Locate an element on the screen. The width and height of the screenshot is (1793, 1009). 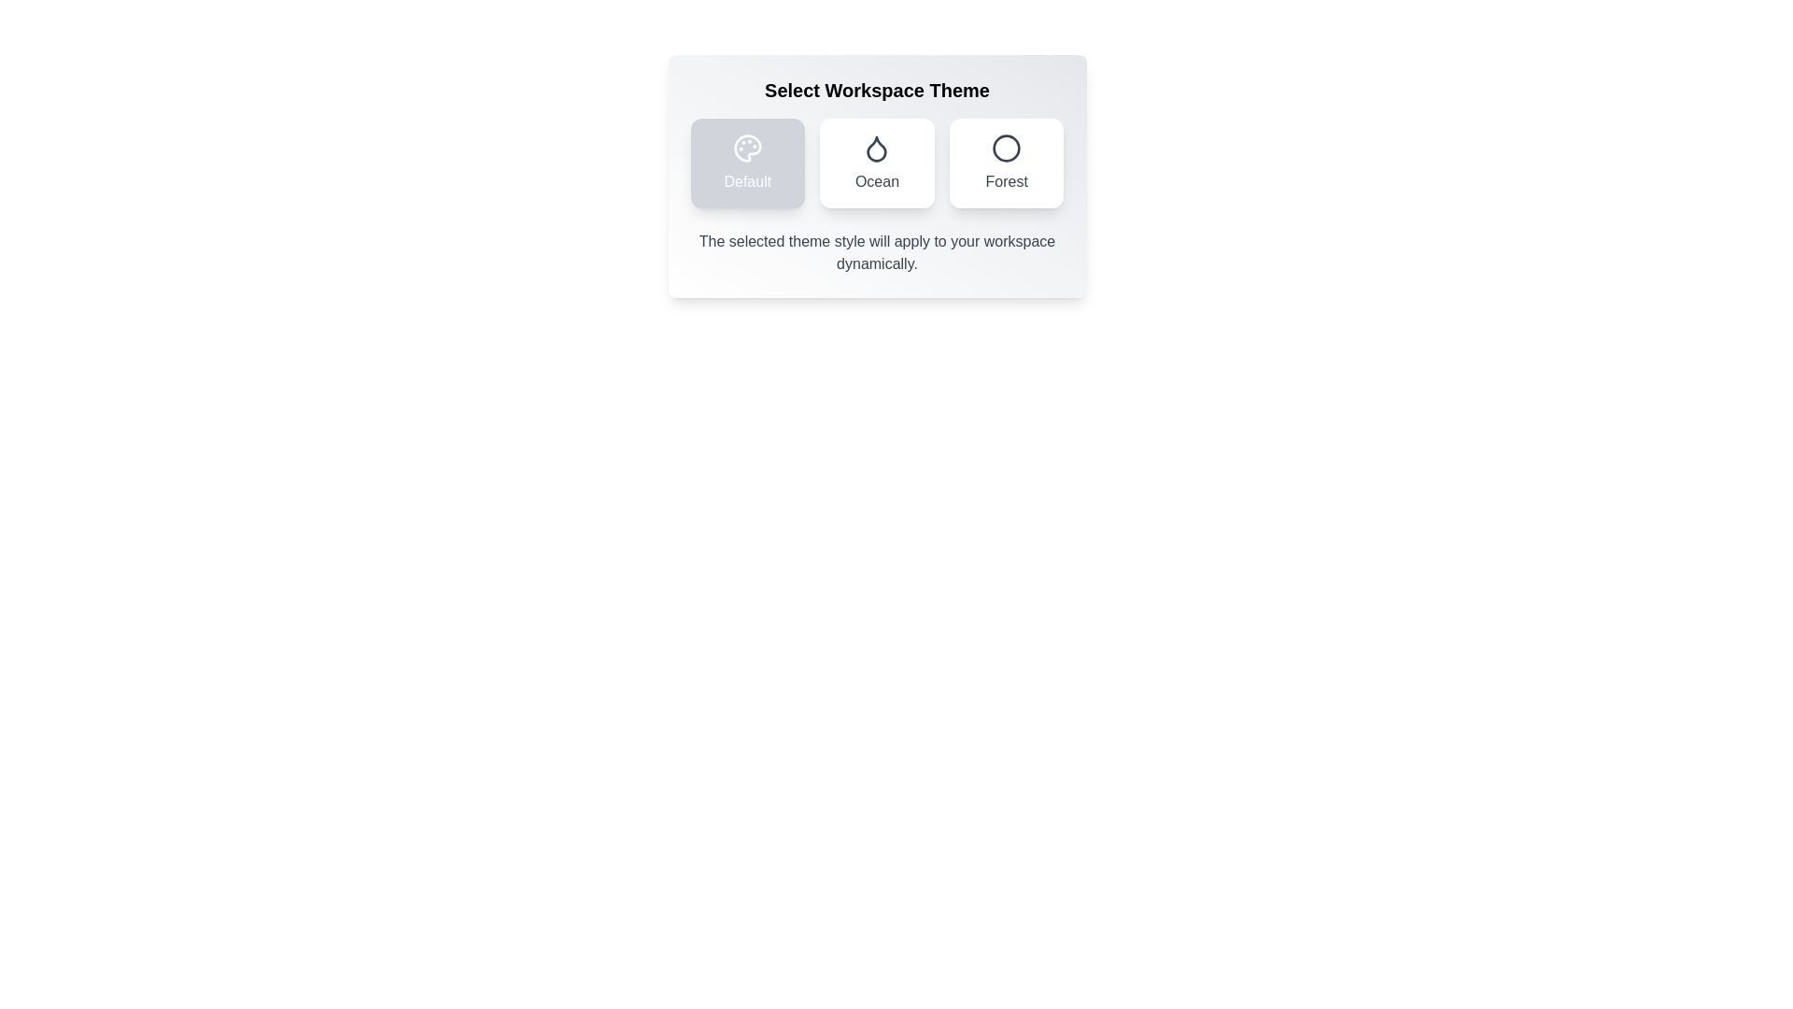
the button corresponding to the Default theme is located at coordinates (747, 162).